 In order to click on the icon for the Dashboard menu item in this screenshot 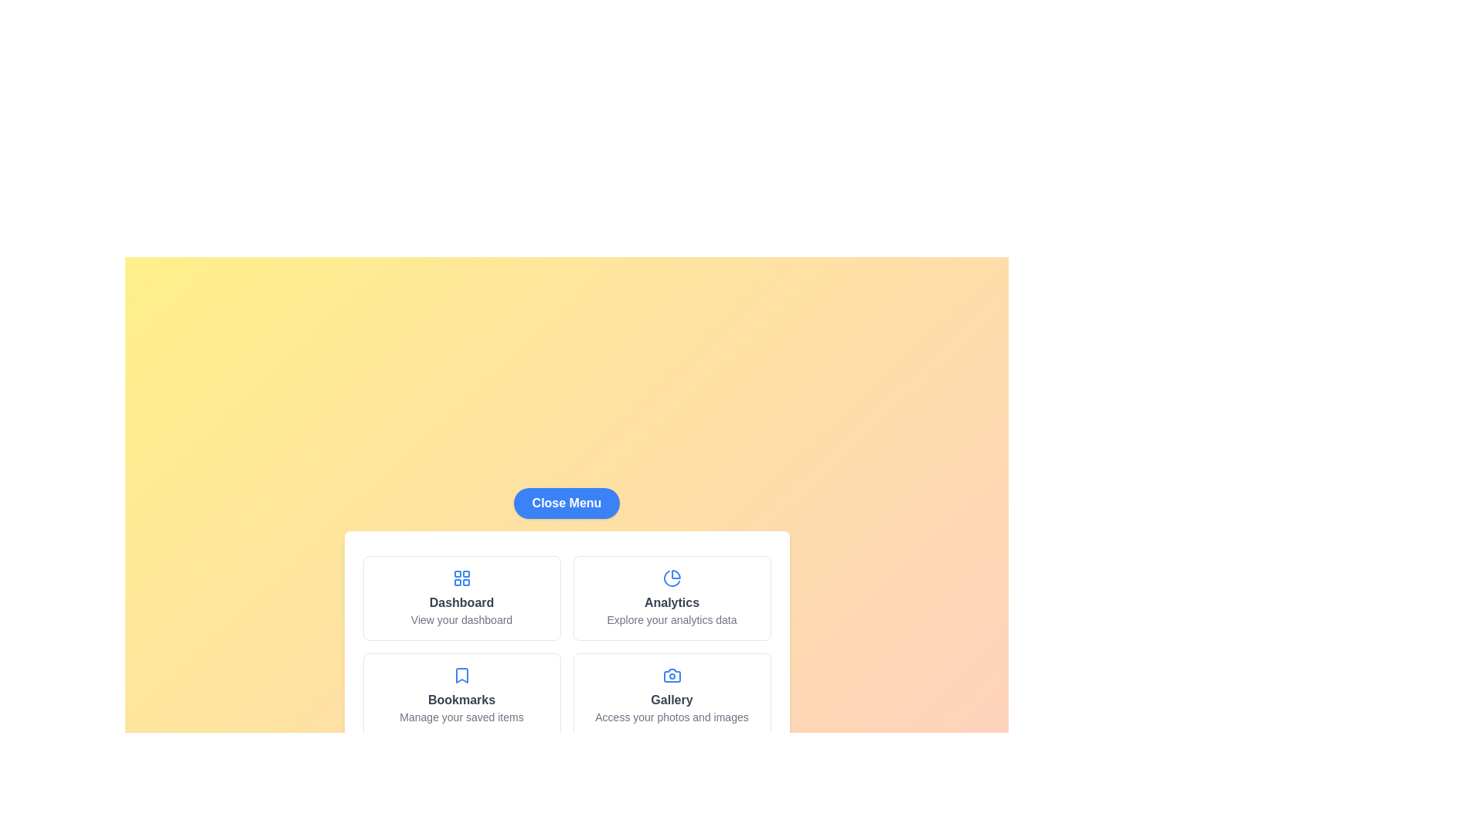, I will do `click(461, 578)`.